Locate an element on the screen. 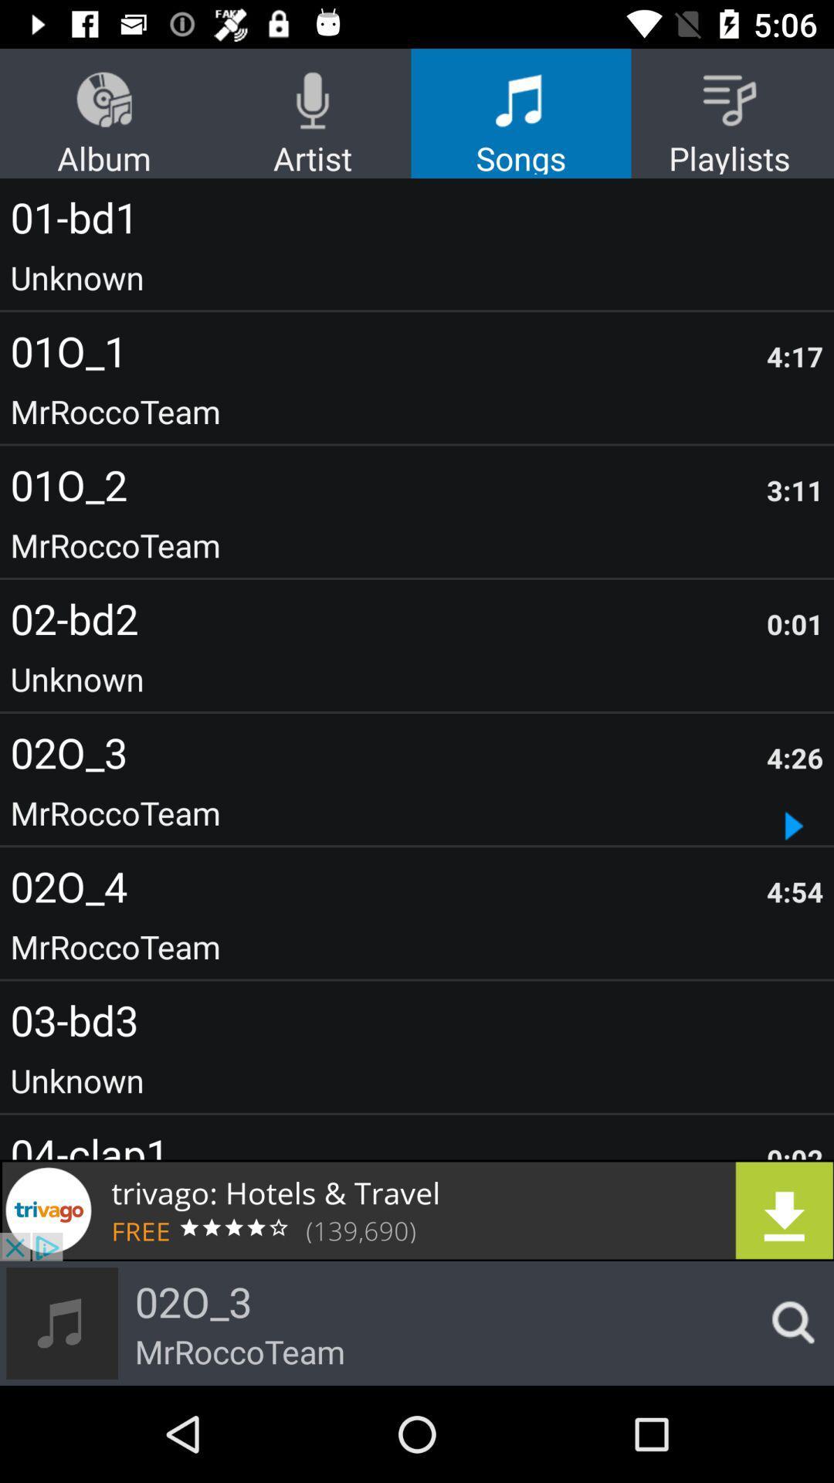 The image size is (834, 1483). advertisement link is located at coordinates (417, 1210).